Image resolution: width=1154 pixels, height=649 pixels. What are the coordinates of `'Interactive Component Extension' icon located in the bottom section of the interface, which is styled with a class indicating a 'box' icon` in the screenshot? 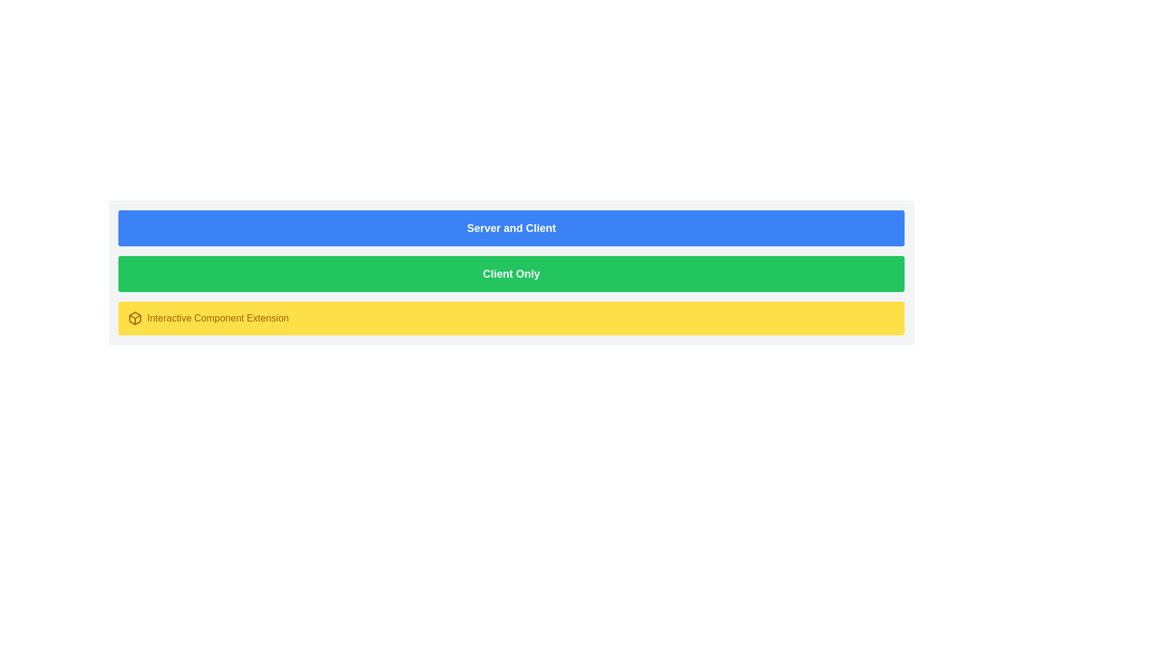 It's located at (135, 317).